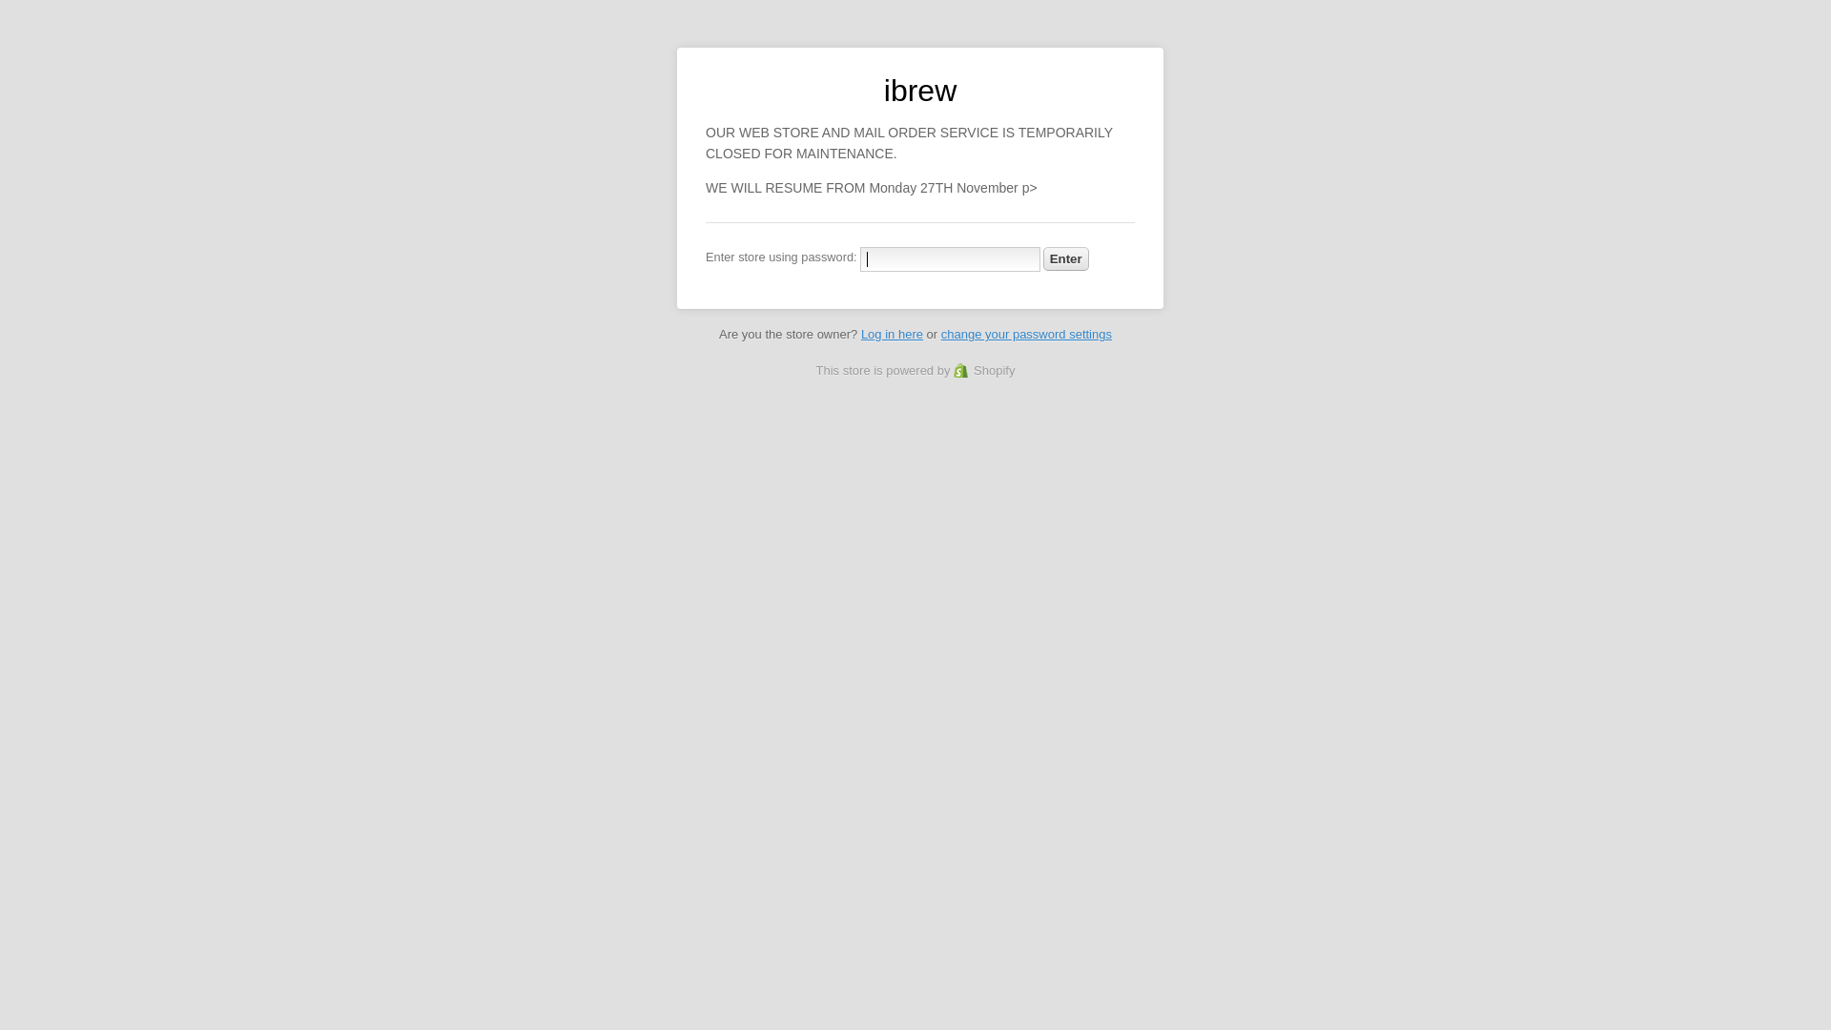 Image resolution: width=1831 pixels, height=1030 pixels. Describe the element at coordinates (1065, 258) in the screenshot. I see `'Enter'` at that location.